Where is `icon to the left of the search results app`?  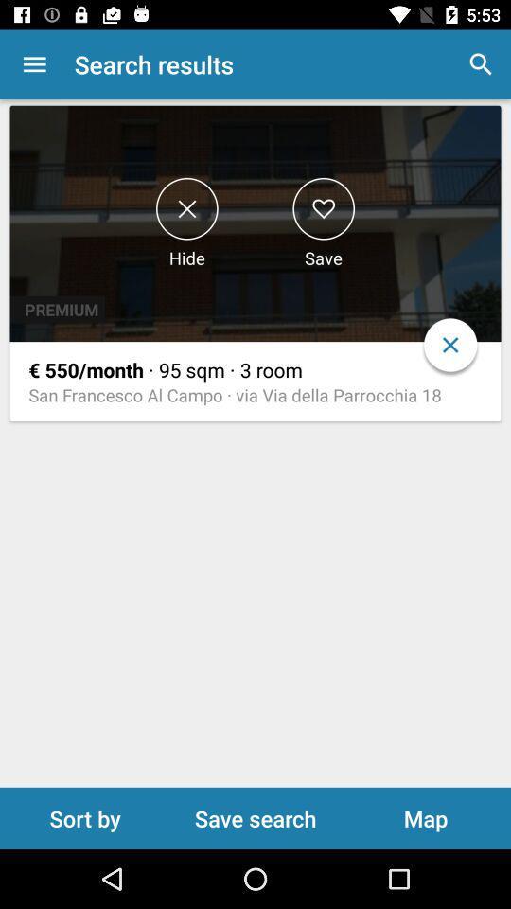
icon to the left of the search results app is located at coordinates (34, 64).